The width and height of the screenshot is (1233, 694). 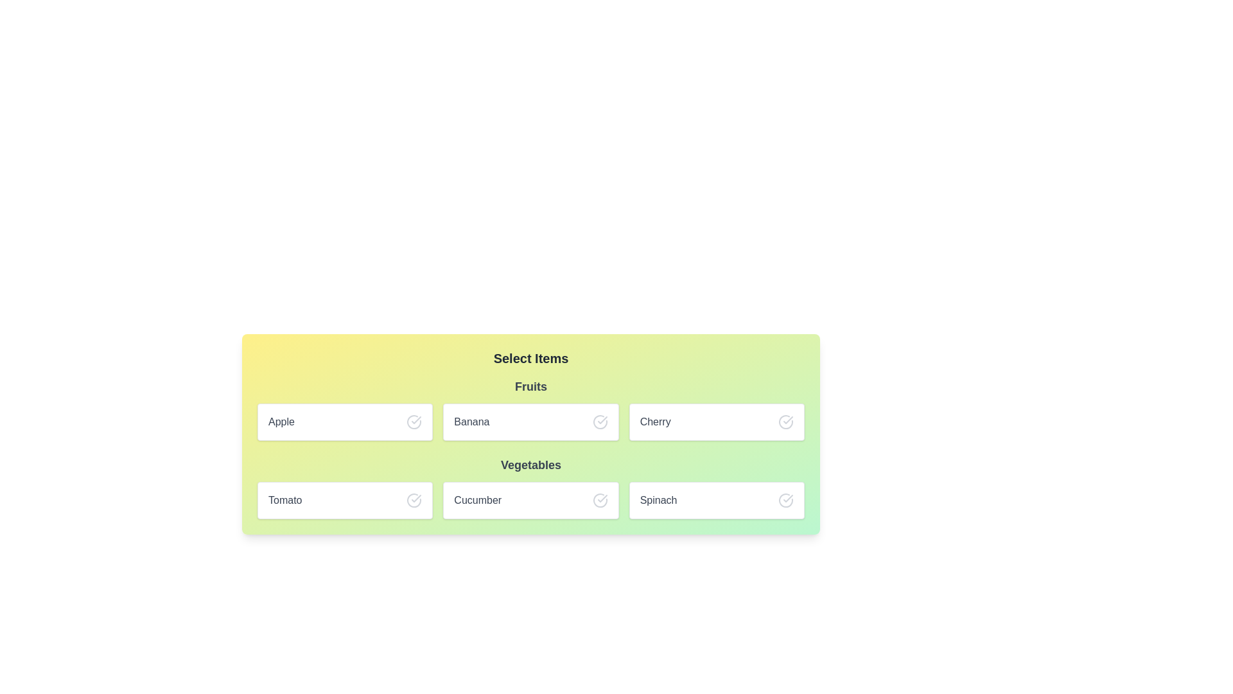 I want to click on the 'Spinach' text label within the 'Vegetables' section, so click(x=658, y=500).